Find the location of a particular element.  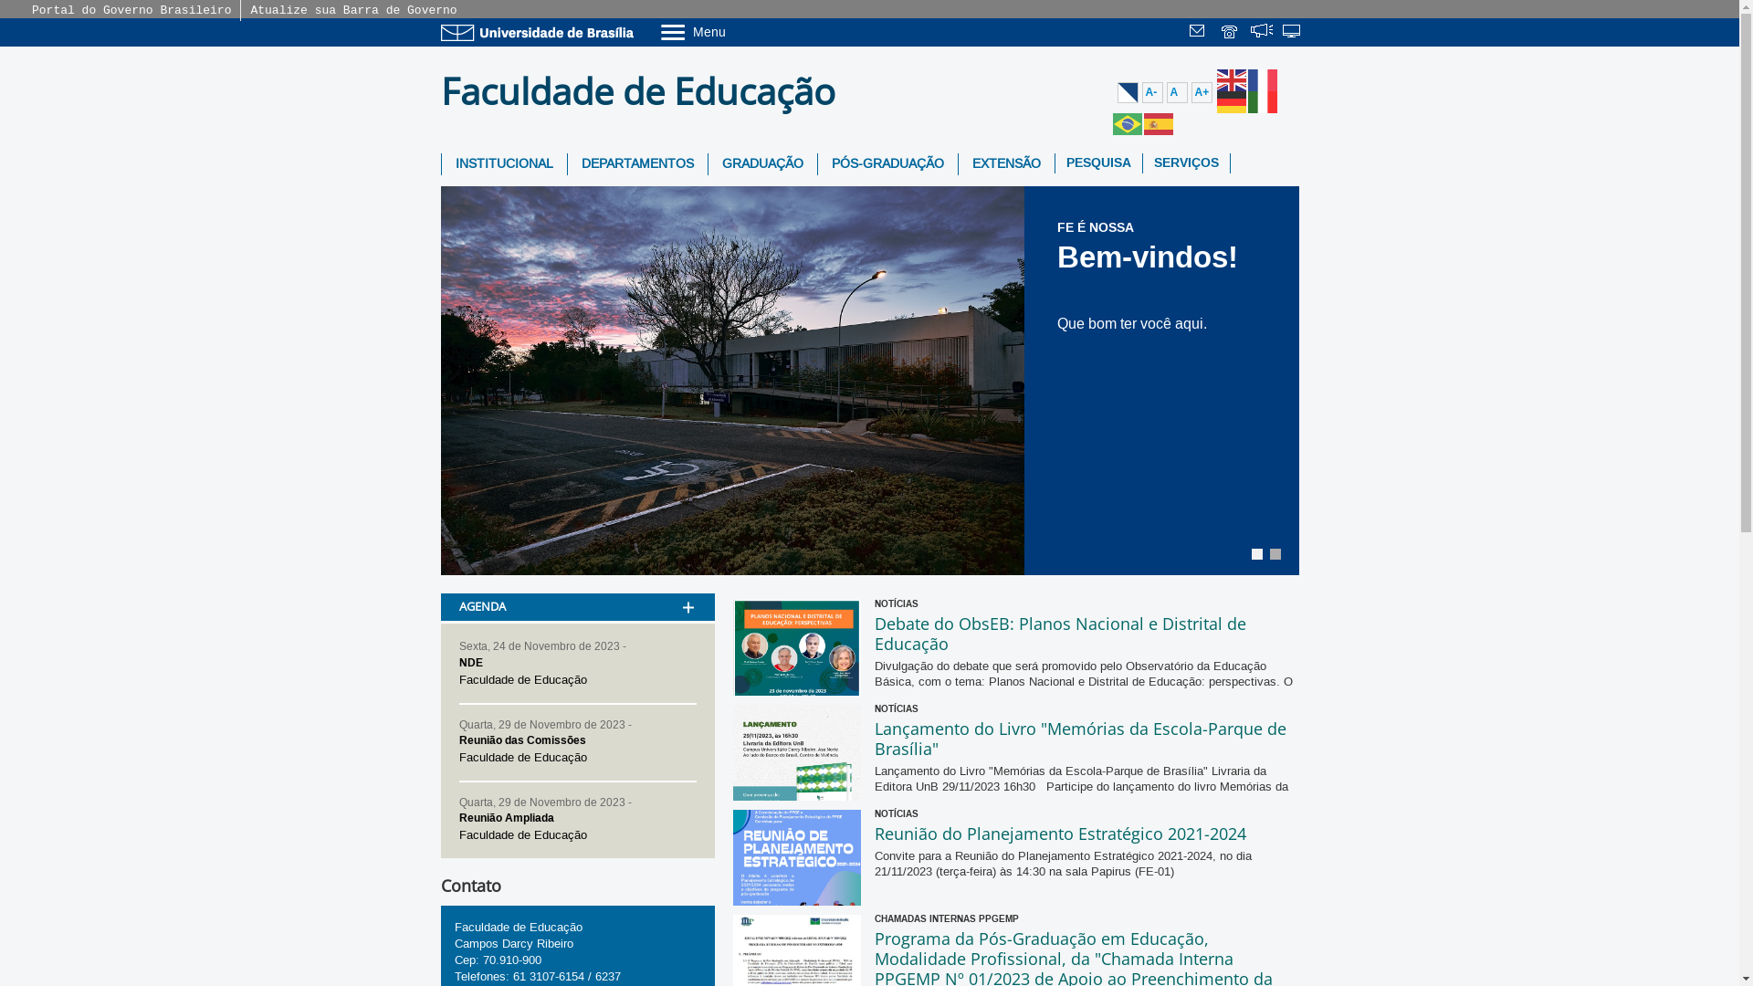

'Ir para o Portal da UnB' is located at coordinates (539, 32).